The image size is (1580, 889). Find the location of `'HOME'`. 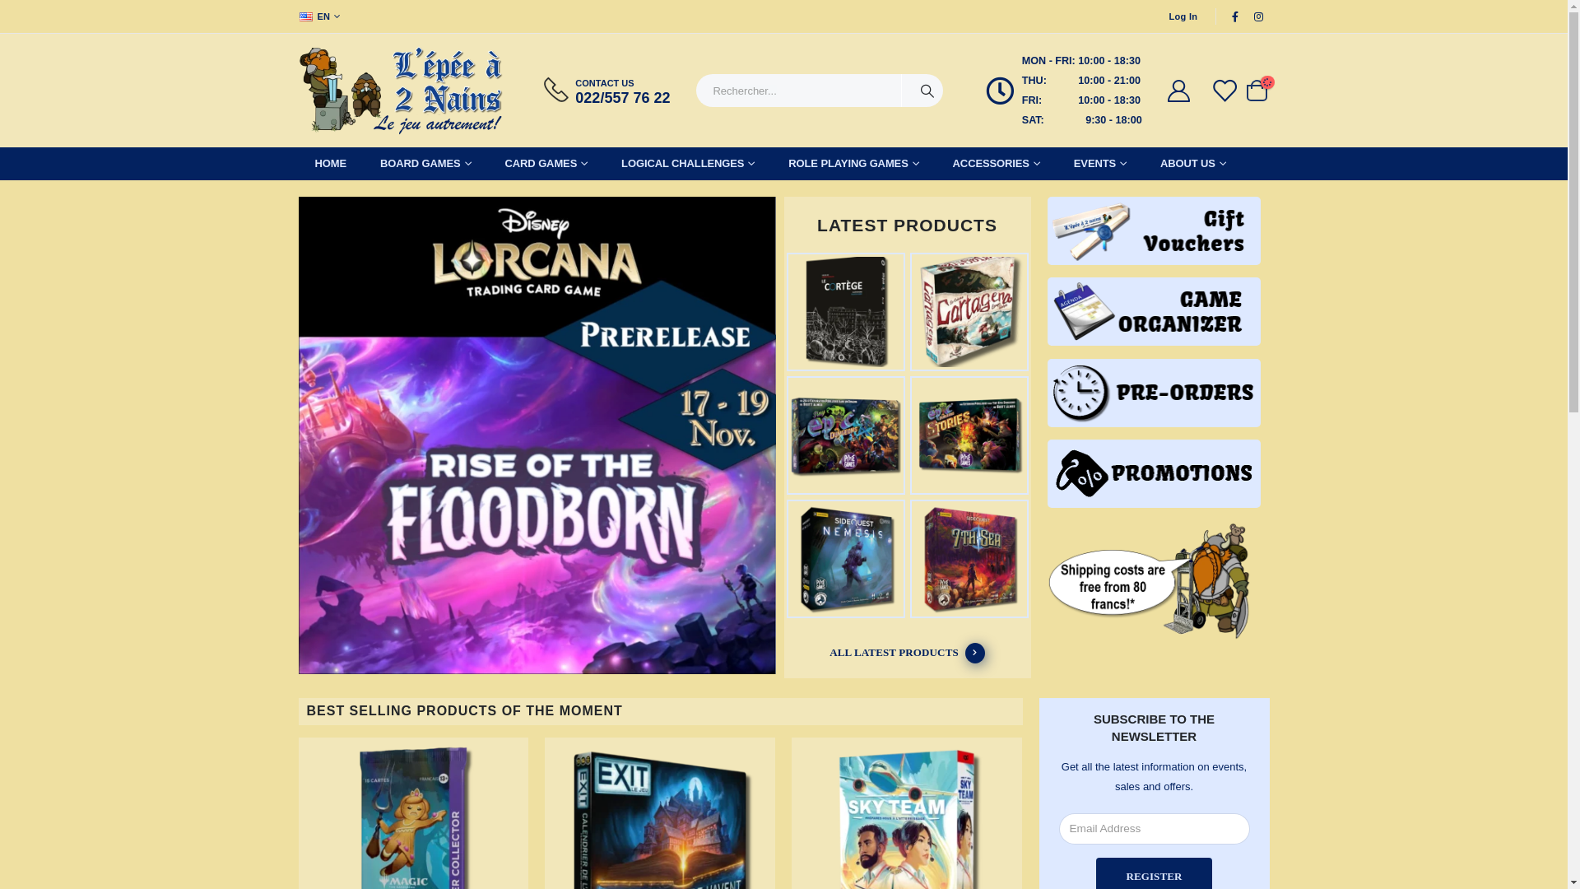

'HOME' is located at coordinates (329, 164).